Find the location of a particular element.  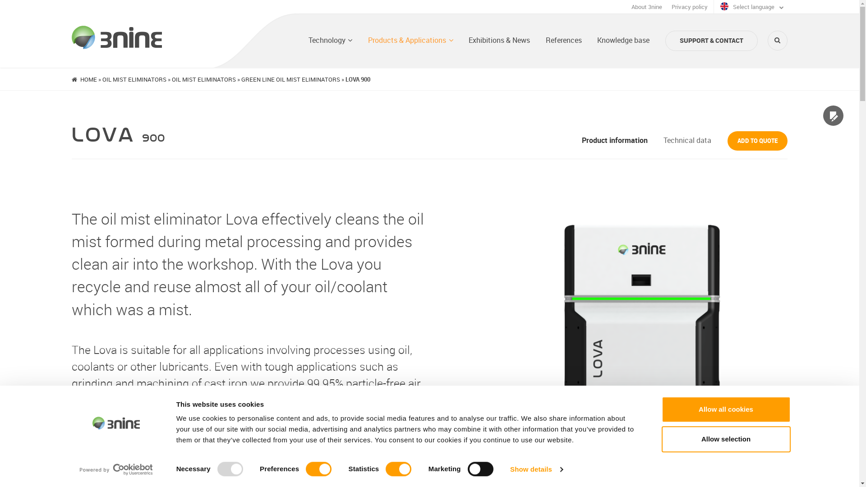

'Technology' is located at coordinates (330, 40).